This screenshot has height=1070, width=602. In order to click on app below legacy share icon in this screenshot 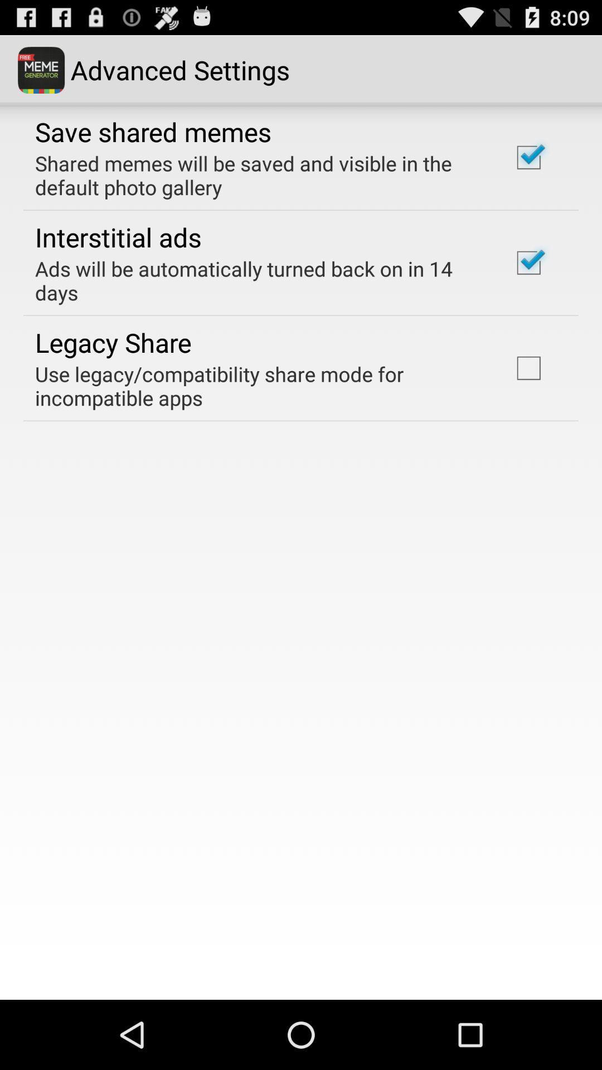, I will do `click(258, 386)`.